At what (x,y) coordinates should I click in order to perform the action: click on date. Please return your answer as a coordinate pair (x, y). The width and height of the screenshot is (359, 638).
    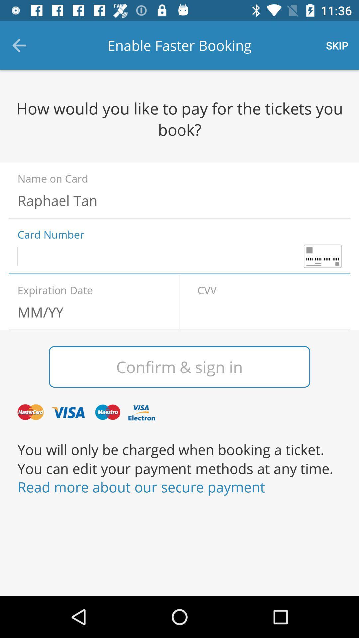
    Looking at the image, I should click on (89, 312).